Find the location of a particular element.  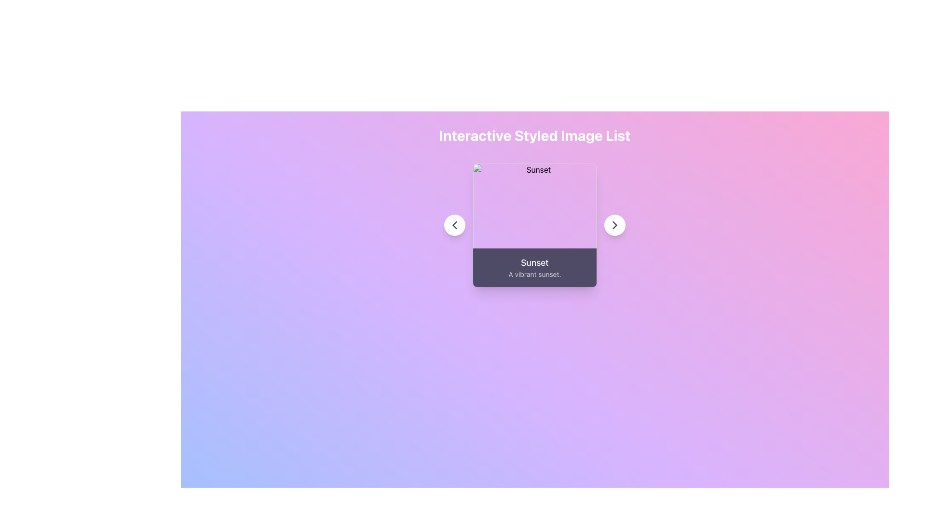

the text block saying 'A vibrant sunset' located at the bottom of the card component if it is enabled is located at coordinates (534, 274).